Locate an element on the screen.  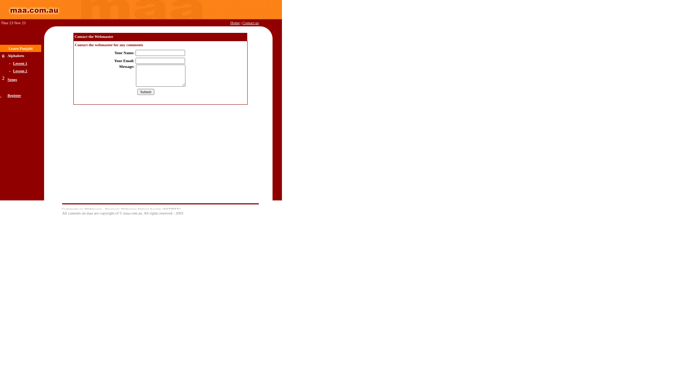
'Contact us' is located at coordinates (250, 22).